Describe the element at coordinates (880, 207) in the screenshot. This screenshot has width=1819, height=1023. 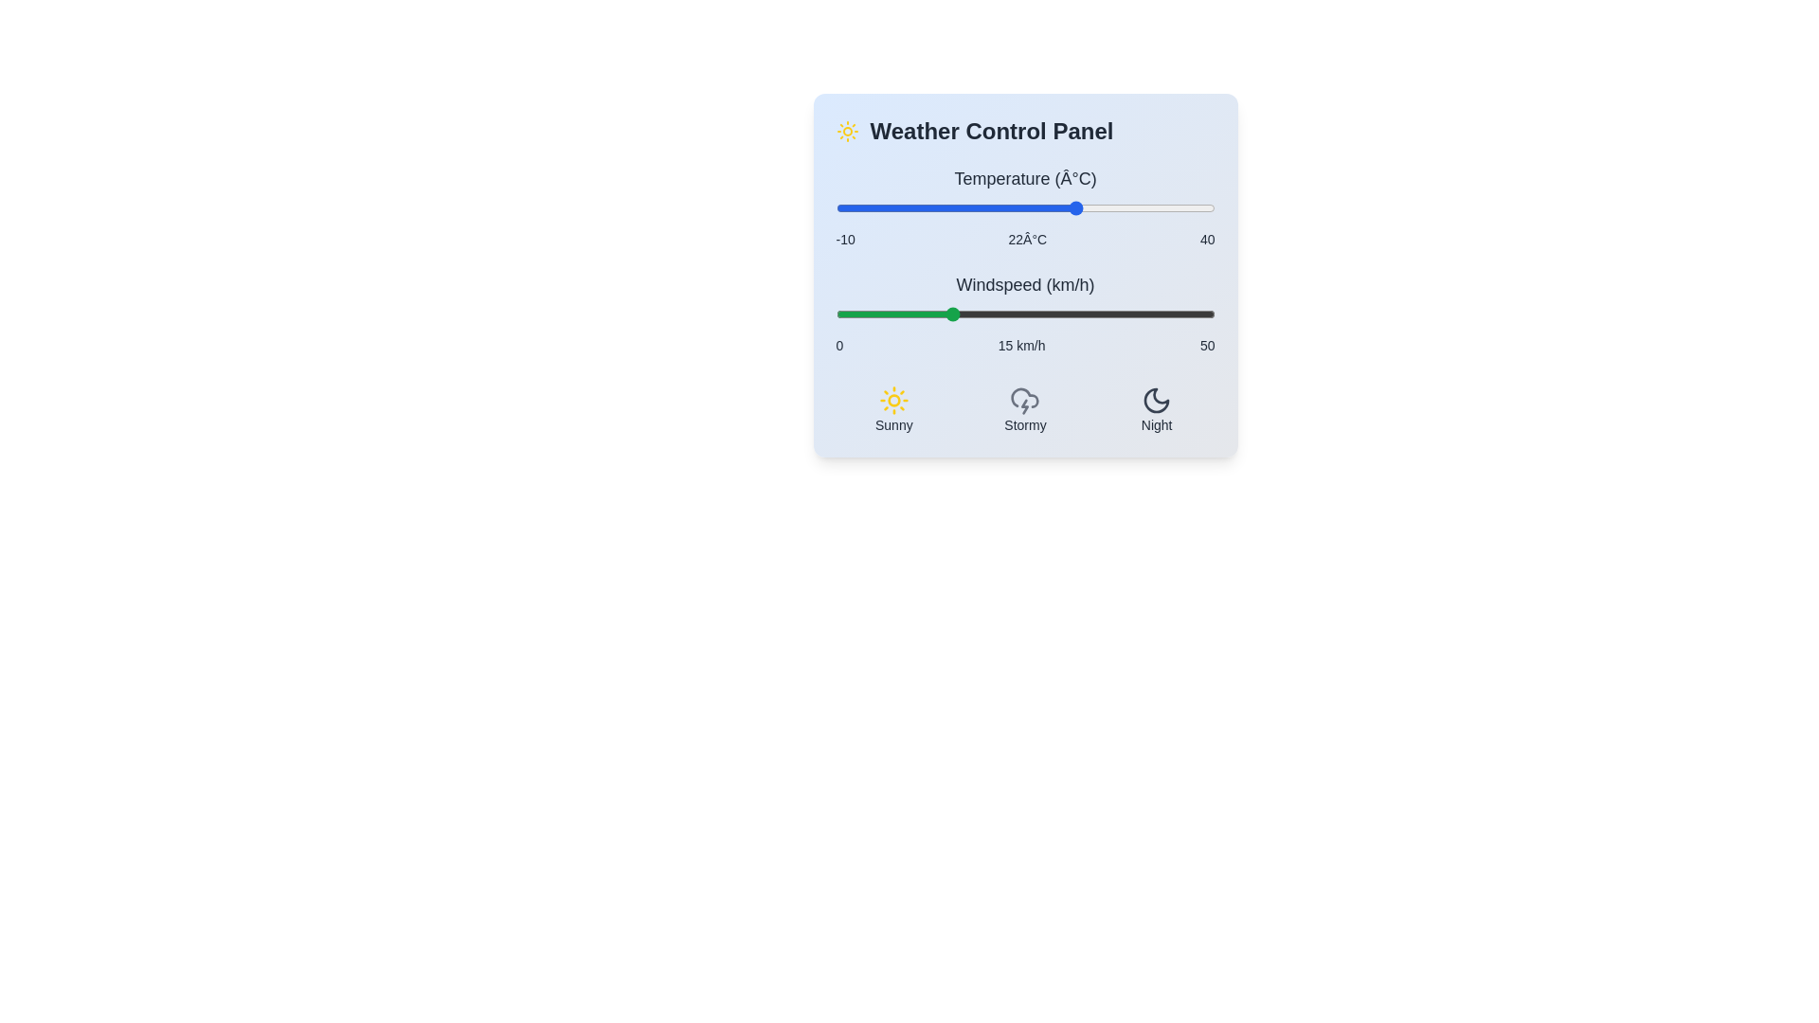
I see `the Temperature slider` at that location.